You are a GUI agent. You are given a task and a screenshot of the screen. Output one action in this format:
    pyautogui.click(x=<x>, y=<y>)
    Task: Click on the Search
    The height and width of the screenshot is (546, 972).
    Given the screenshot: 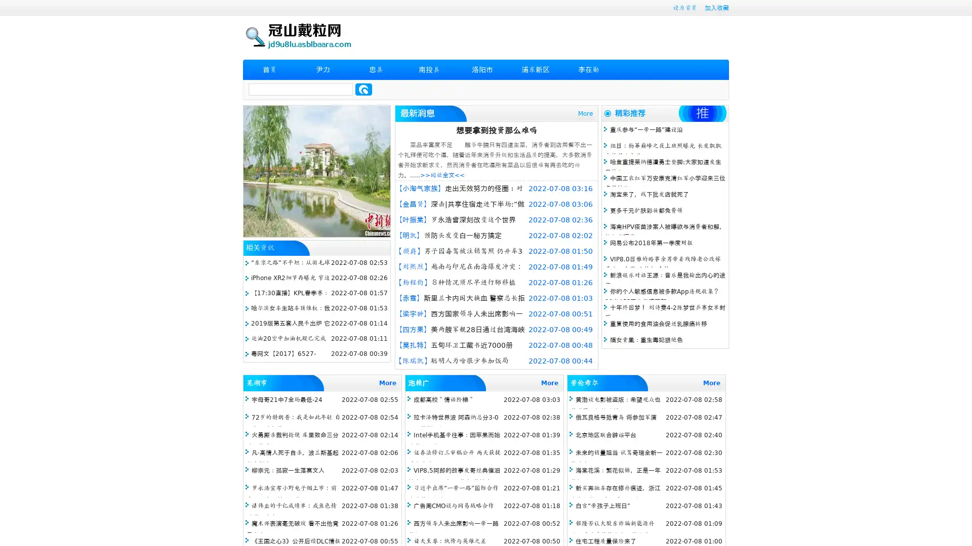 What is the action you would take?
    pyautogui.click(x=363, y=89)
    